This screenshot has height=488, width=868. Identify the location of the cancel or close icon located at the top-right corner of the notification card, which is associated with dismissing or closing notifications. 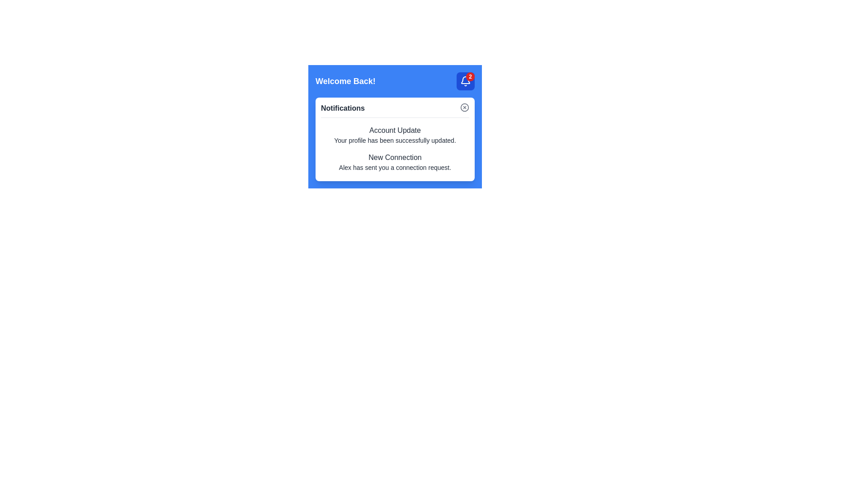
(464, 107).